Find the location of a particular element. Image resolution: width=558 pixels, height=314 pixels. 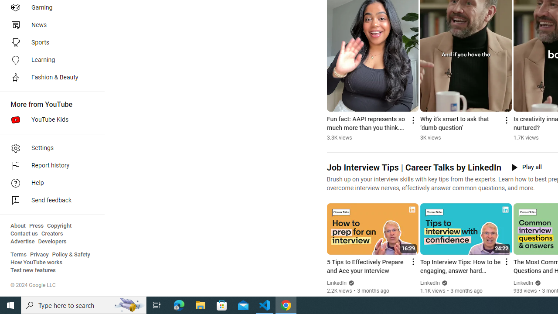

'Send feedback' is located at coordinates (49, 201).